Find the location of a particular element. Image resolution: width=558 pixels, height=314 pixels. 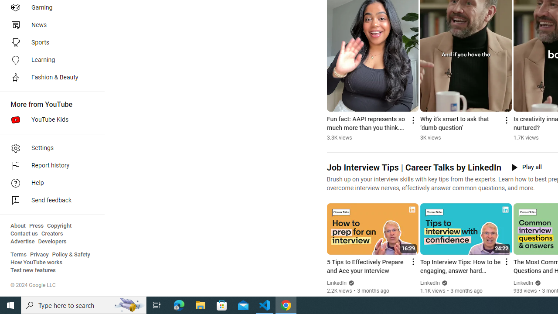

'Send feedback' is located at coordinates (49, 201).